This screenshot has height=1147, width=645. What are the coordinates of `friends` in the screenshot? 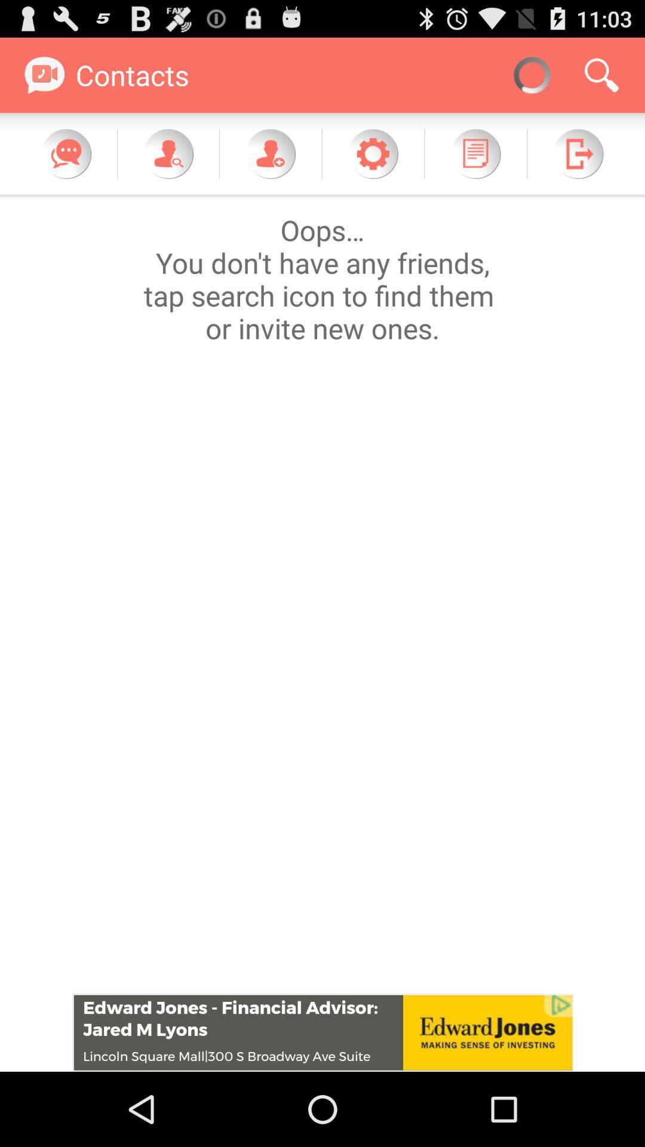 It's located at (270, 153).